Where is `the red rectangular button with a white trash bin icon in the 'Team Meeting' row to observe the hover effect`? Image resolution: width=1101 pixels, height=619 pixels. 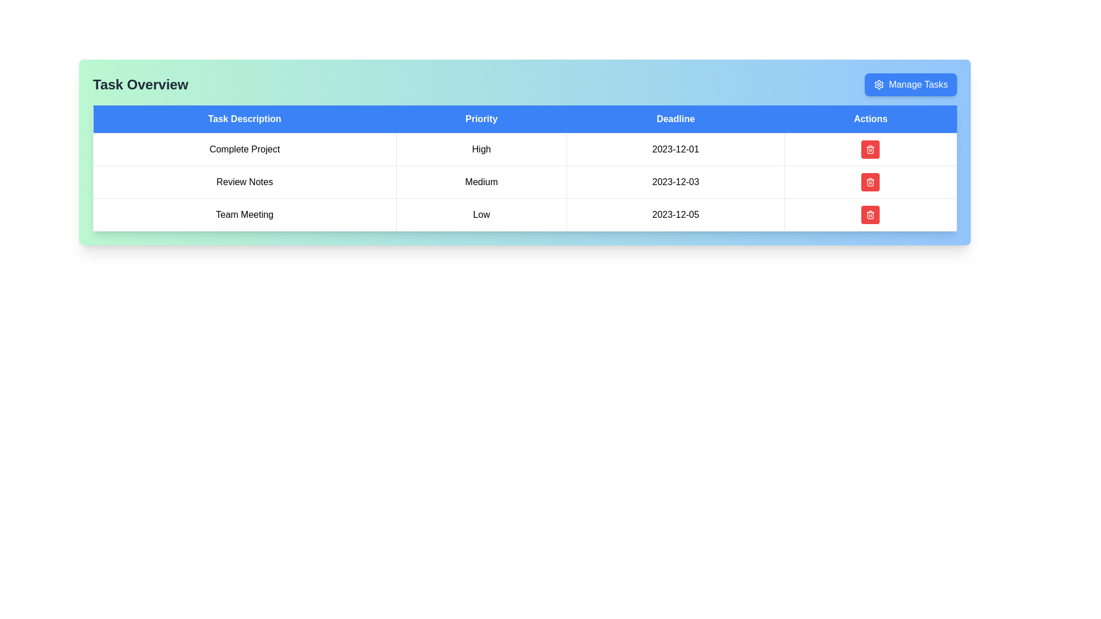
the red rectangular button with a white trash bin icon in the 'Team Meeting' row to observe the hover effect is located at coordinates (870, 214).